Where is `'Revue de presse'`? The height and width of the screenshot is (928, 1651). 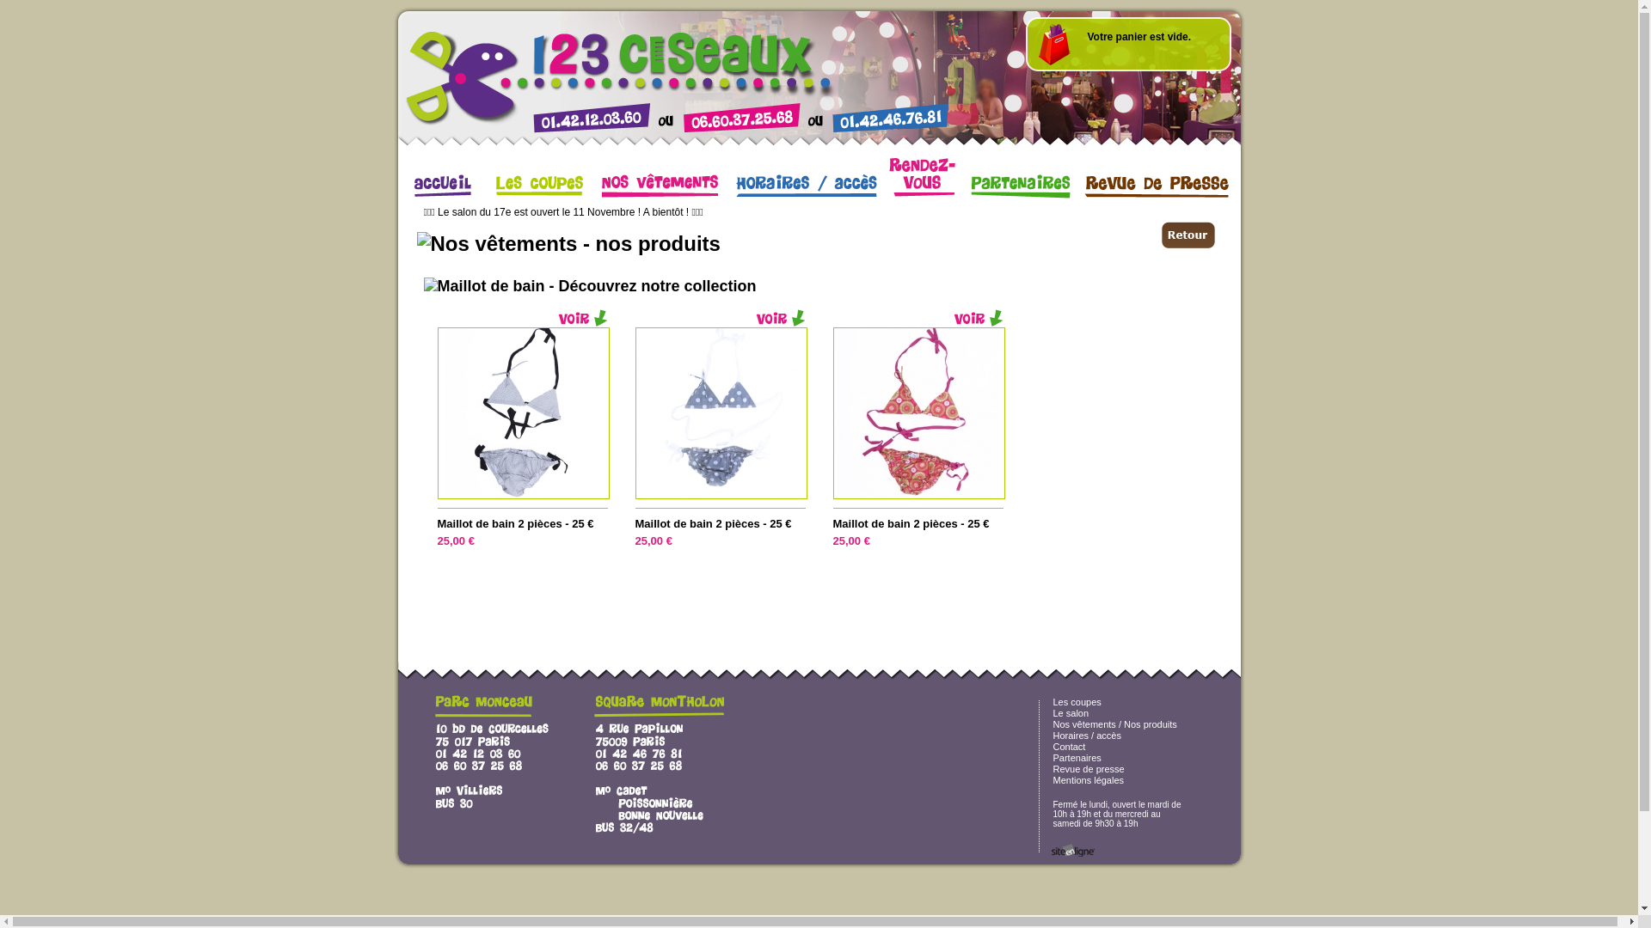 'Revue de presse' is located at coordinates (1087, 767).